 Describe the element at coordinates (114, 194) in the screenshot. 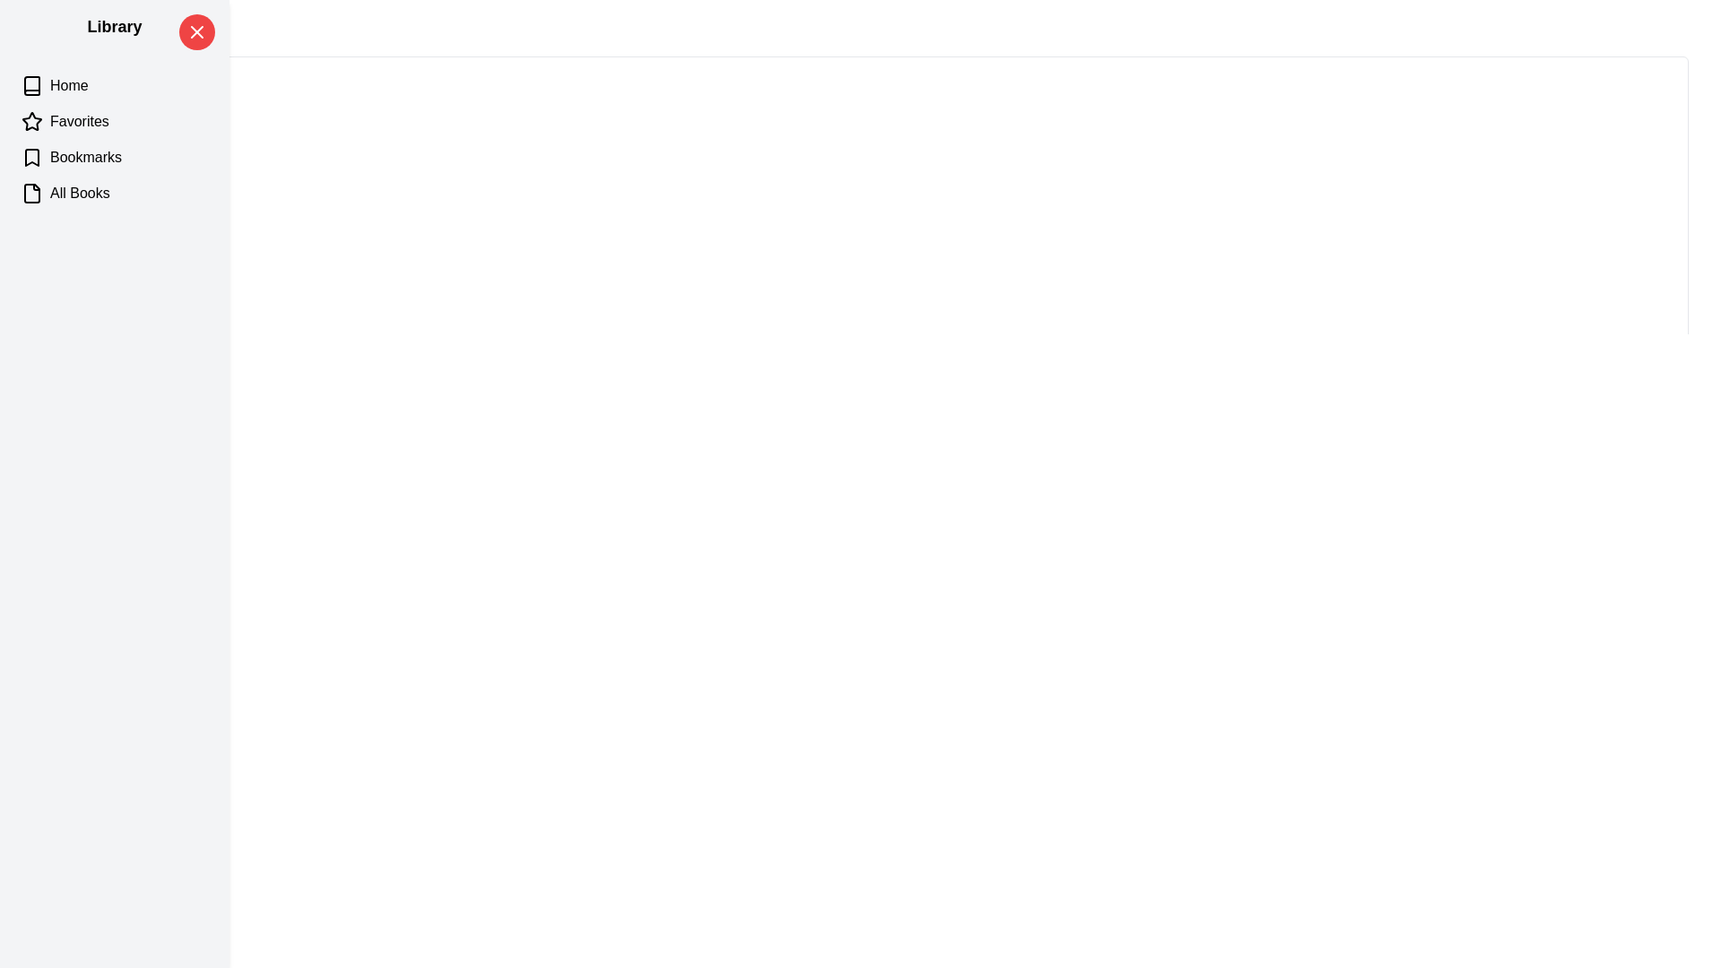

I see `the category All Books to highlight it` at that location.